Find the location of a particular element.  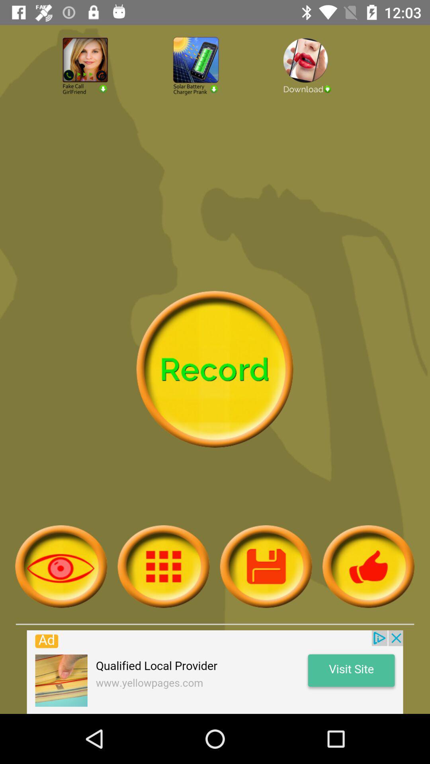

icon page is located at coordinates (61, 566).